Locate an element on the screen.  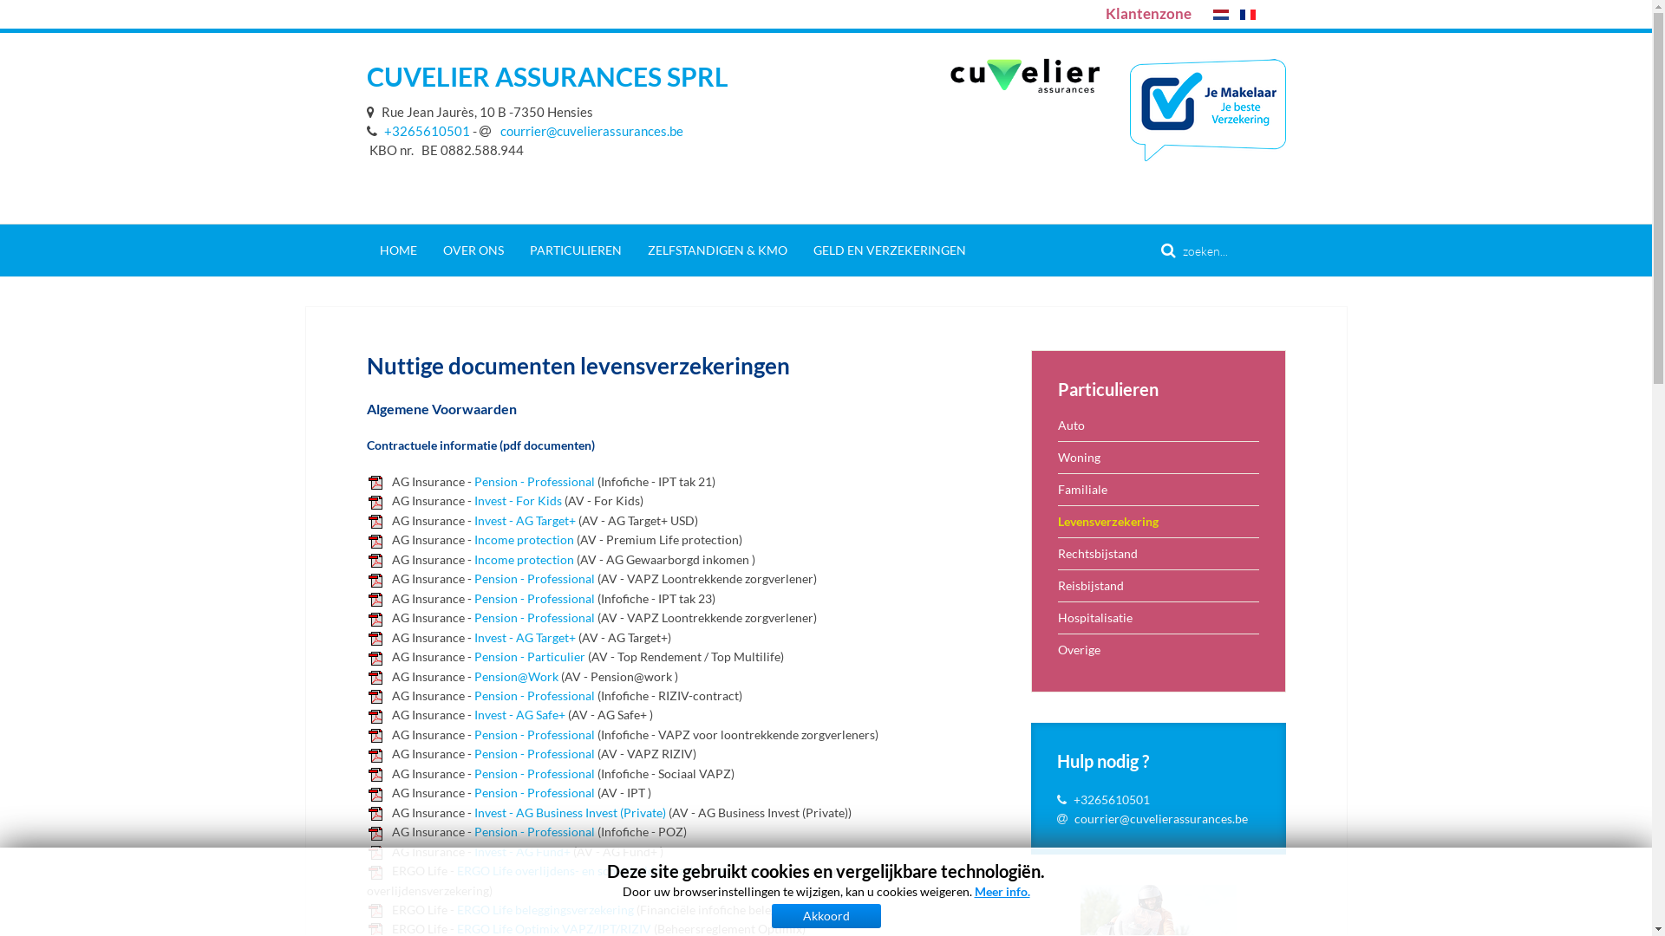
'Klantenzone' is located at coordinates (1147, 13).